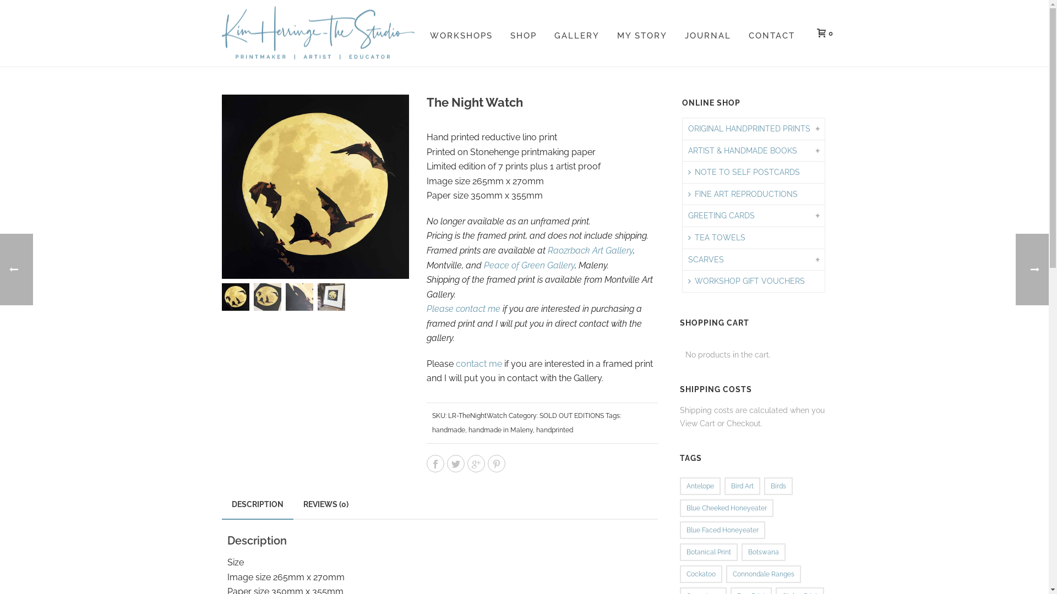 This screenshot has width=1057, height=594. Describe the element at coordinates (419, 32) in the screenshot. I see `'WORKSHOPS'` at that location.